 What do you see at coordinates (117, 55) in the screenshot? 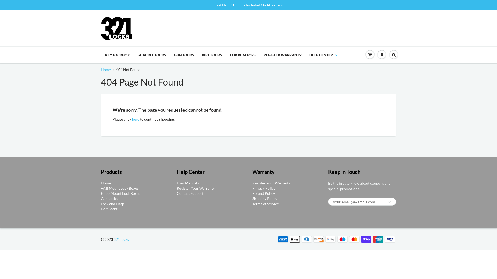
I see `'KEY LOCKBOX'` at bounding box center [117, 55].